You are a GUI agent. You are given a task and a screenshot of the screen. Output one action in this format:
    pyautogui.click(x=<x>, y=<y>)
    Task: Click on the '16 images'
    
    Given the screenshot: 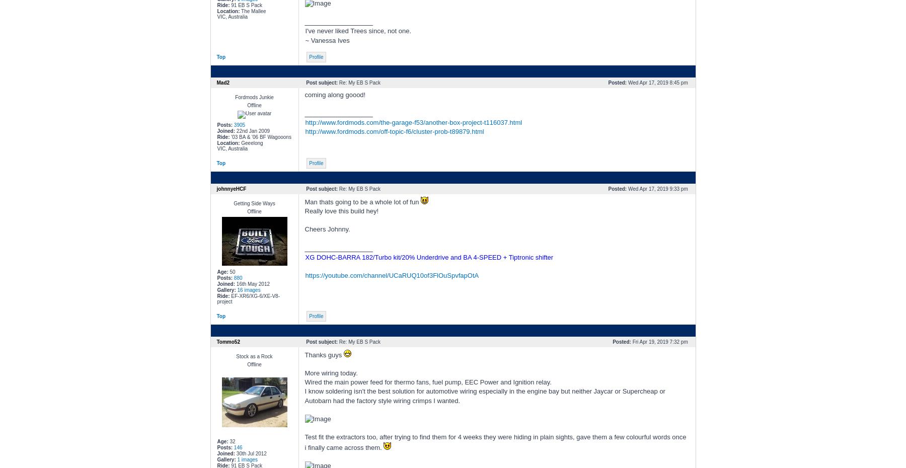 What is the action you would take?
    pyautogui.click(x=248, y=289)
    